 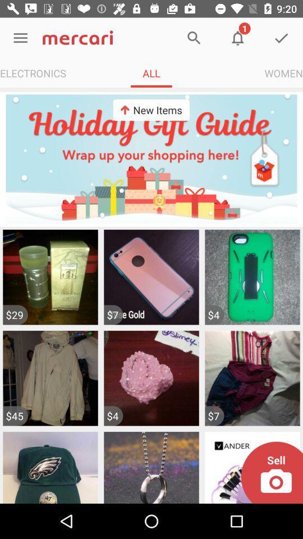 I want to click on new items, so click(x=151, y=110).